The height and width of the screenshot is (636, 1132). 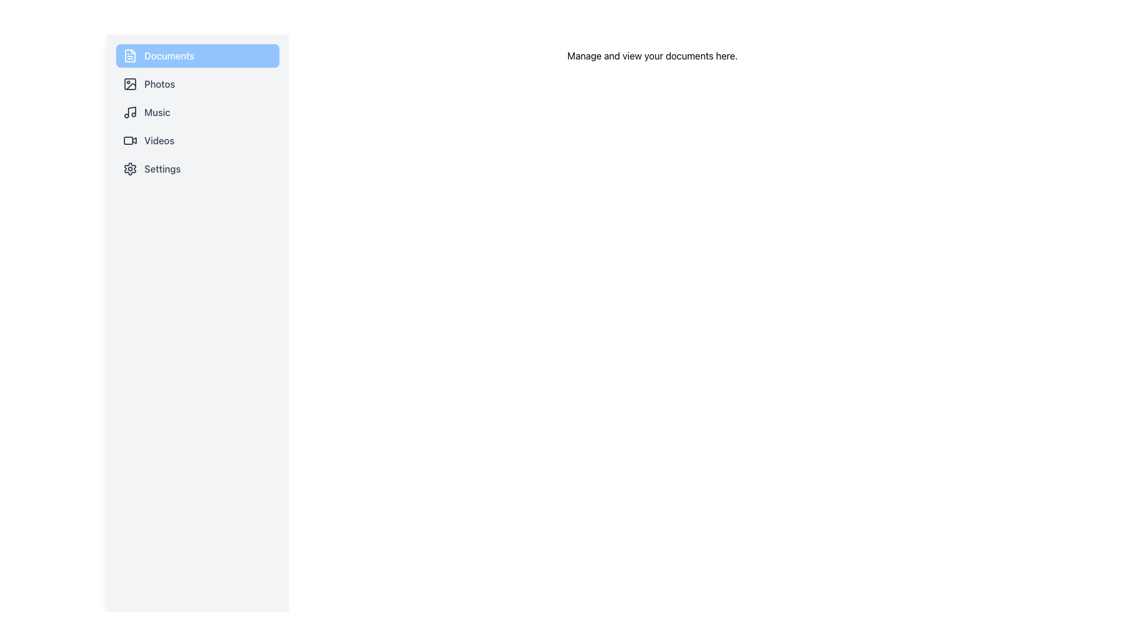 I want to click on the 'Videos' menu item in the vertical navigation bar, so click(x=198, y=140).